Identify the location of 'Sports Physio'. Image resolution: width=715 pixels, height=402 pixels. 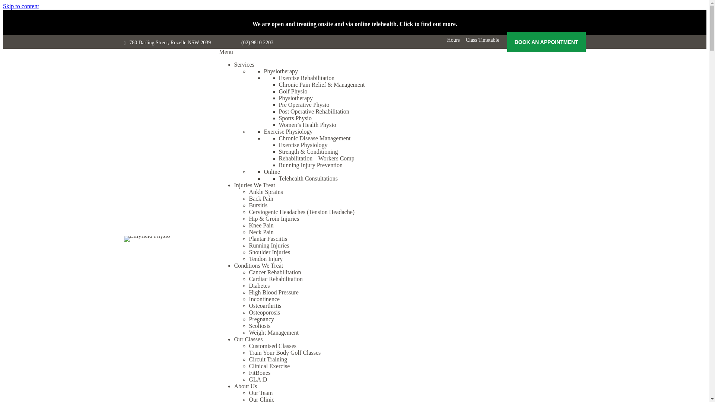
(295, 118).